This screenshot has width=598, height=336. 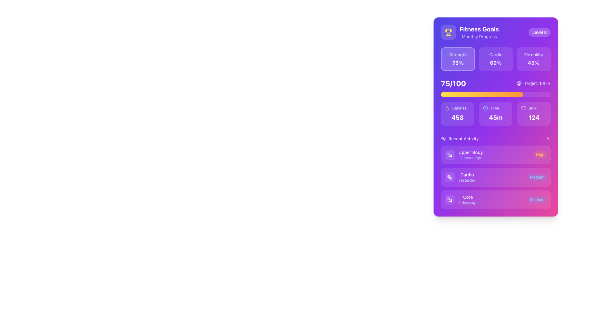 I want to click on the 'Cardio' text label in the 'Recent Activity' section, which displays the title of an activity type, so click(x=467, y=175).